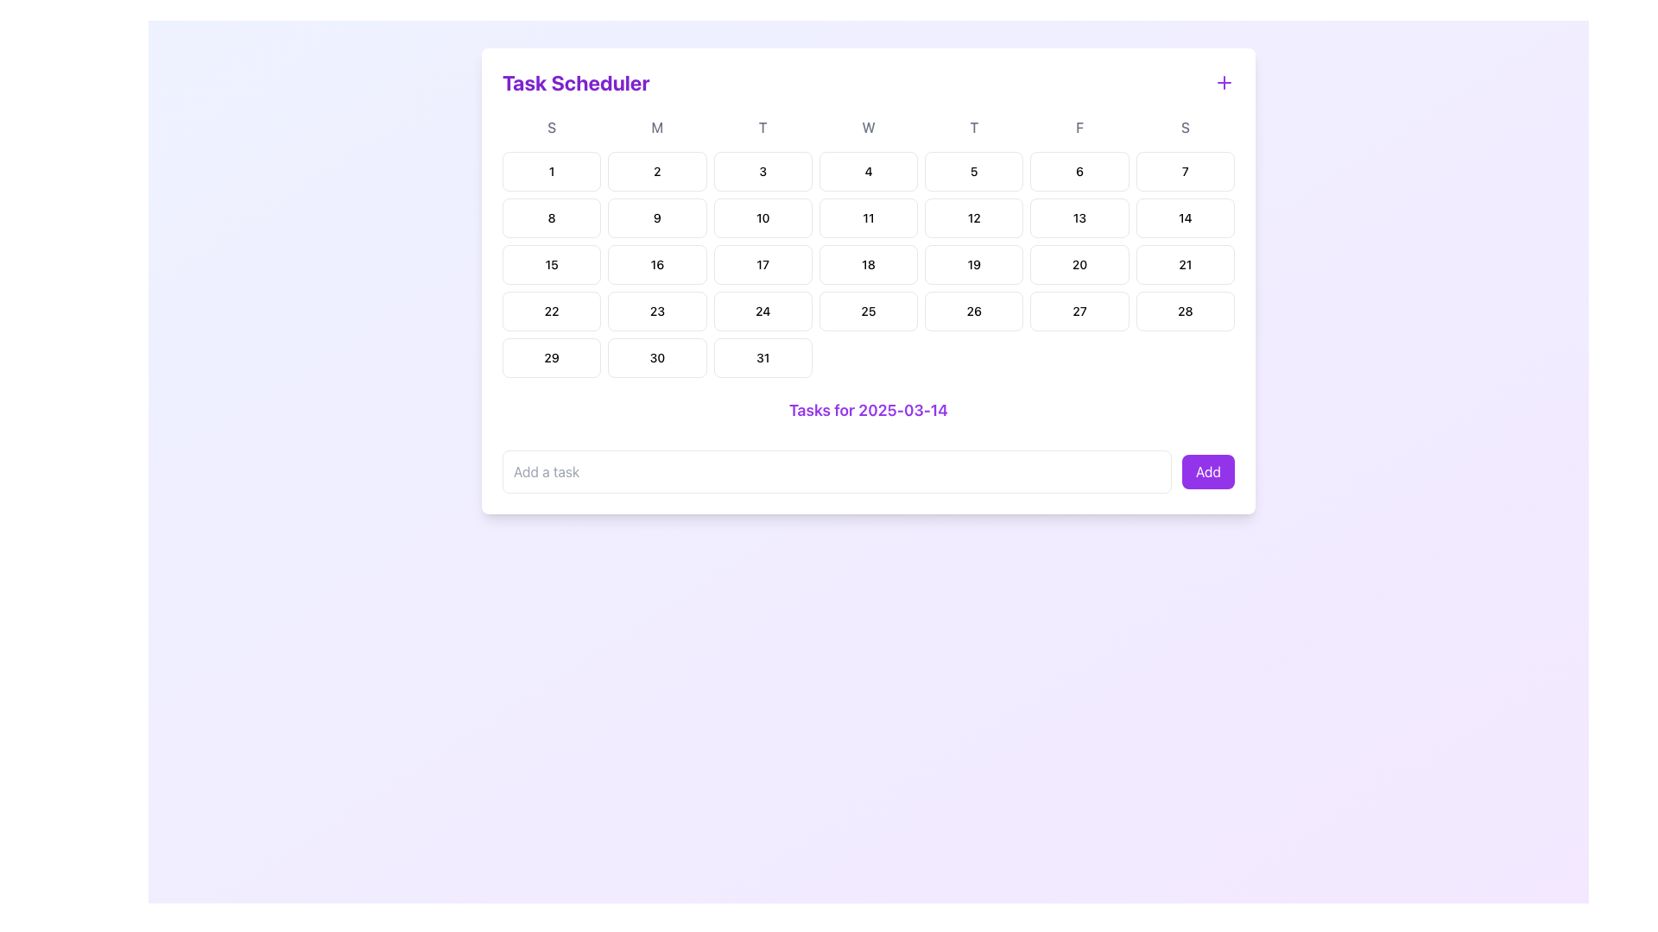 The image size is (1658, 932). I want to click on the calendar button representing the 4th day (Wednesday), so click(869, 172).